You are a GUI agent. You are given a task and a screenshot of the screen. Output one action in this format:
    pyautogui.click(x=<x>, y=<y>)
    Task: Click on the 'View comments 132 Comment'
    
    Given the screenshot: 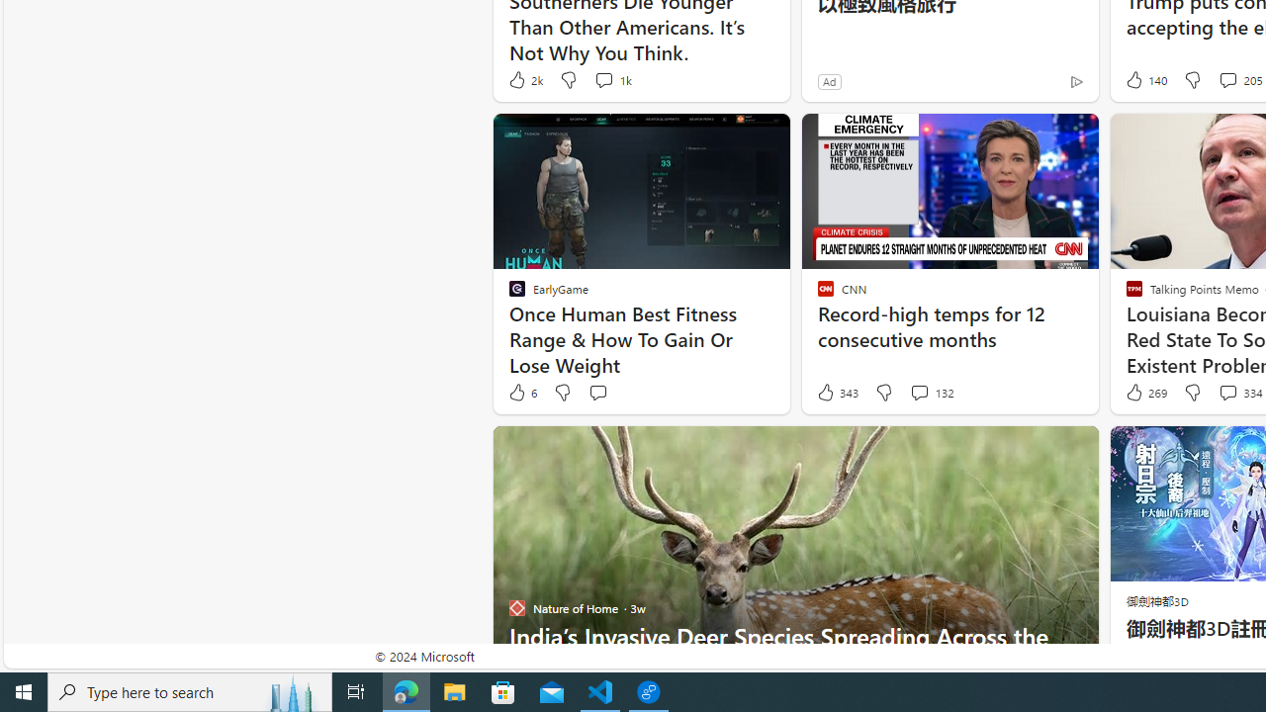 What is the action you would take?
    pyautogui.click(x=931, y=393)
    